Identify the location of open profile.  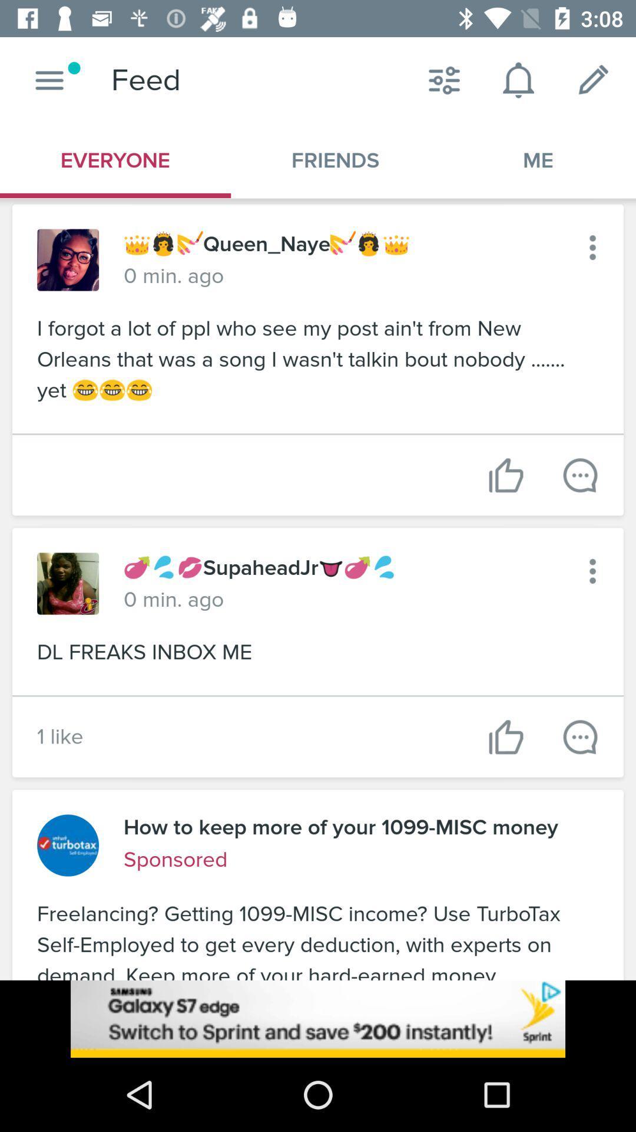
(68, 259).